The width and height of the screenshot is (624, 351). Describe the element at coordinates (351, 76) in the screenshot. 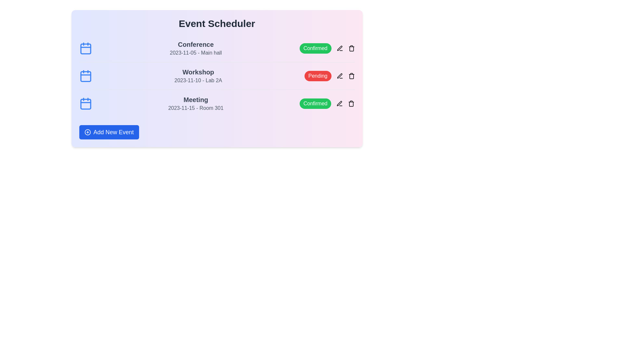

I see `the trash can icon button for the 'Workshop' event` at that location.